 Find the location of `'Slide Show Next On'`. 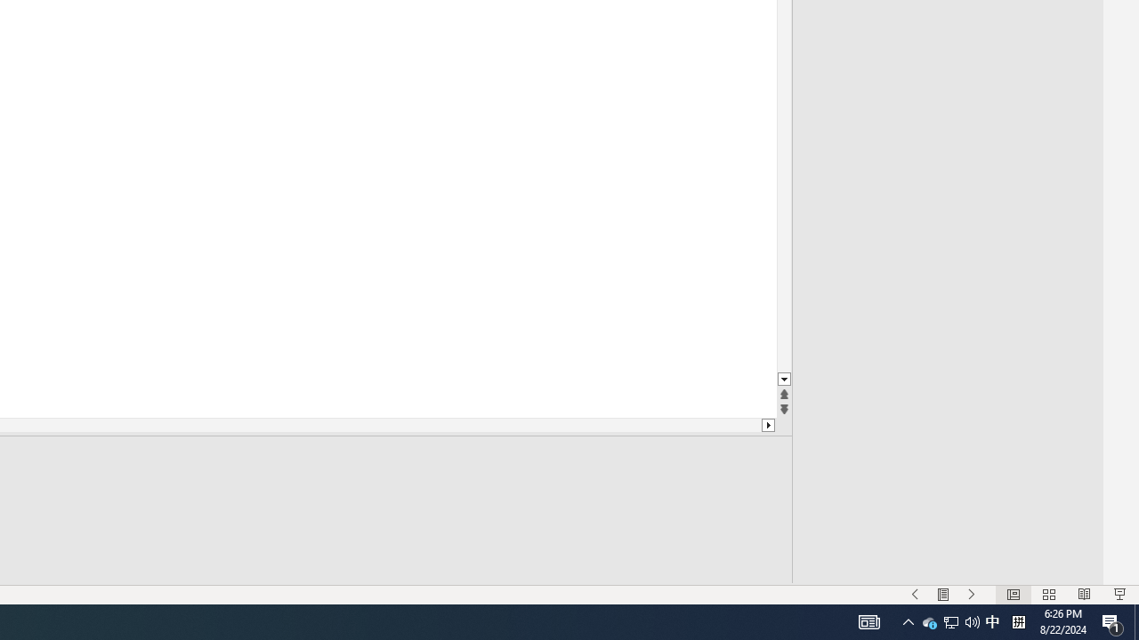

'Slide Show Next On' is located at coordinates (971, 595).